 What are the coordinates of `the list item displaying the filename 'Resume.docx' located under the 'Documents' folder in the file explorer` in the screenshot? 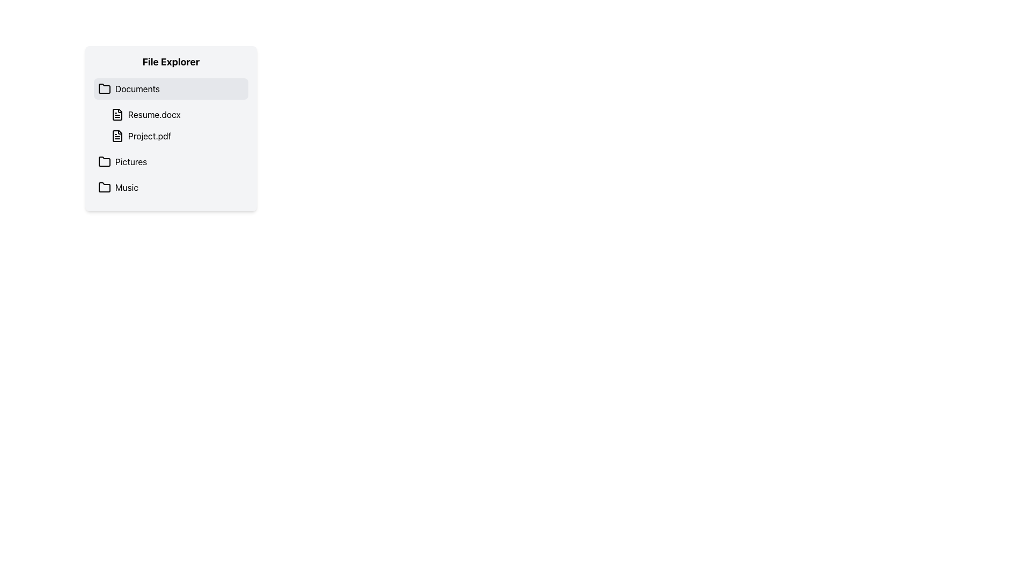 It's located at (178, 125).